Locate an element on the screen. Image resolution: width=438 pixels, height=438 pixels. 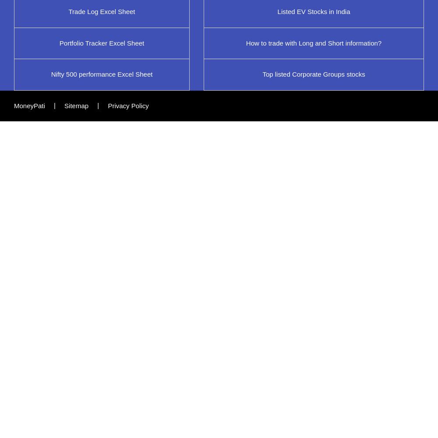
'How to trade with Long and Short information?' is located at coordinates (313, 42).